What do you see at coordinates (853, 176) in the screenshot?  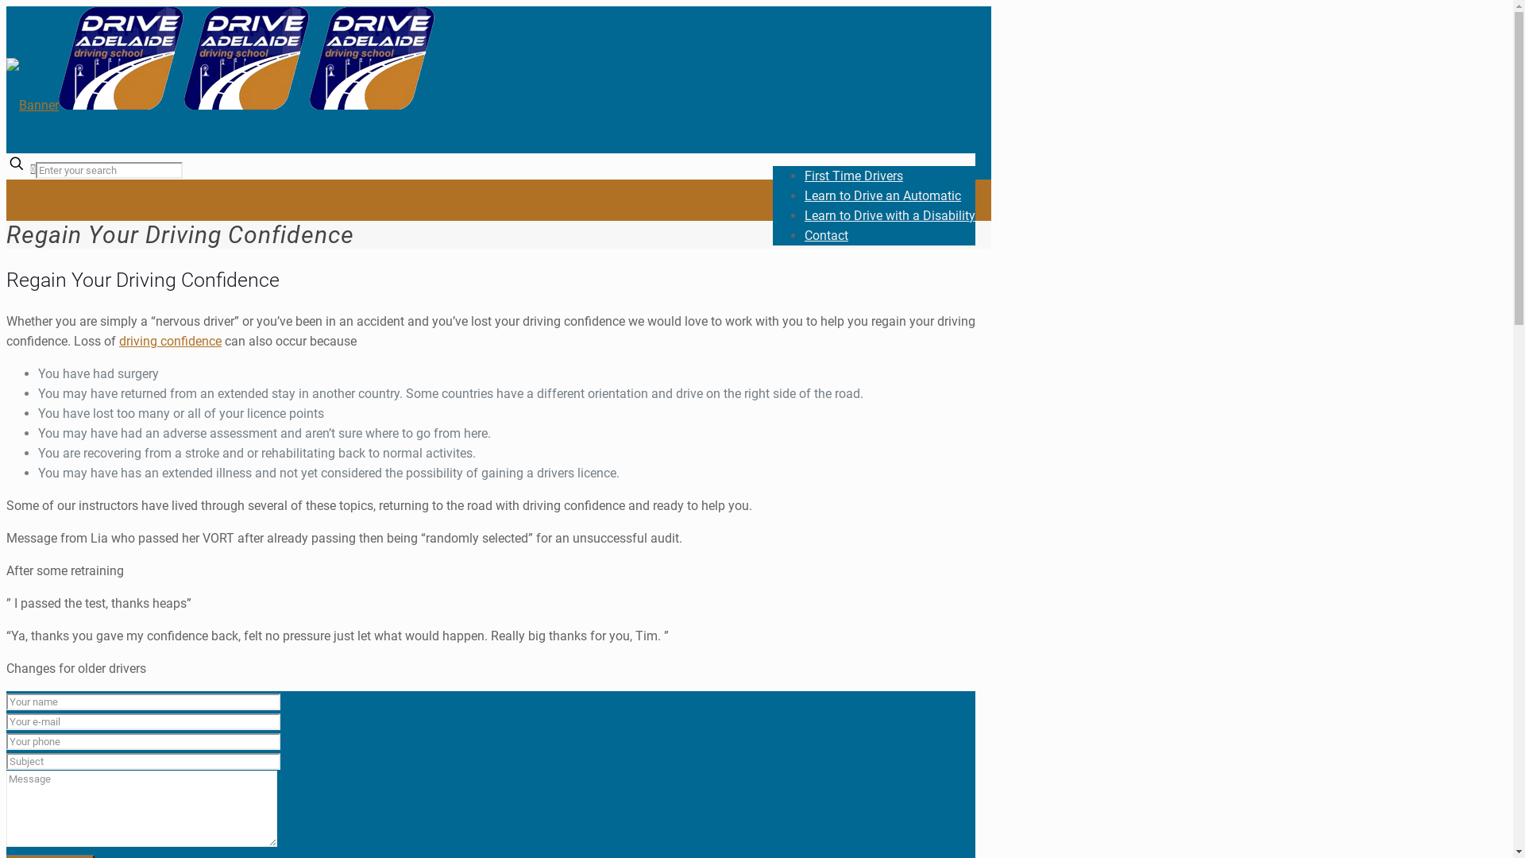 I see `'First Time Drivers'` at bounding box center [853, 176].